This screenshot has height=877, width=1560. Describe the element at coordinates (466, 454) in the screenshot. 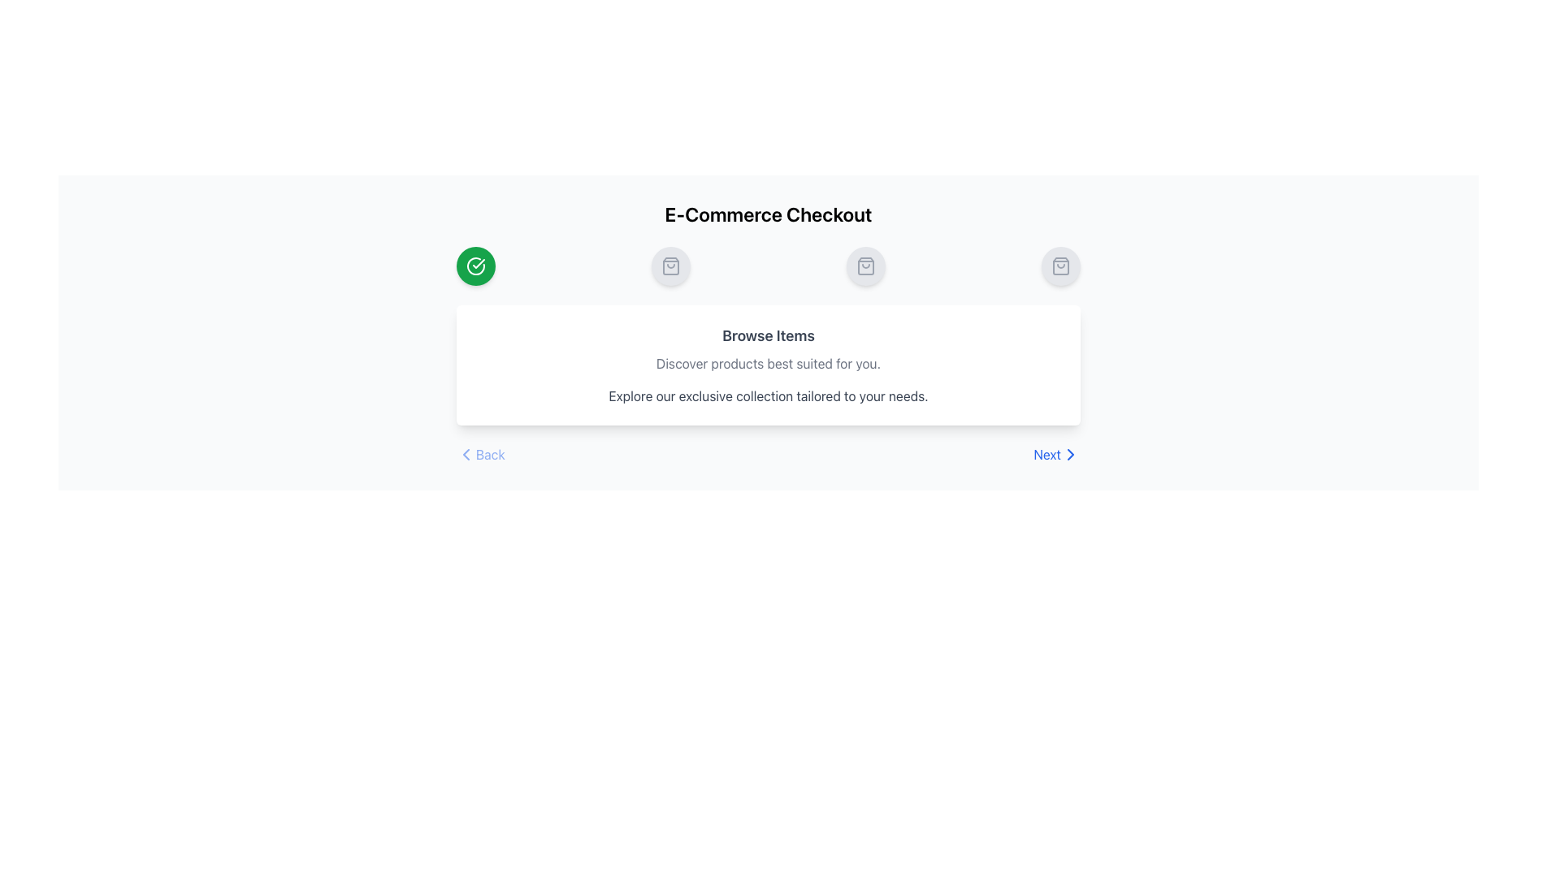

I see `the left-pointing chevron icon, which is a blue outlined icon part of the 'Back' button` at that location.